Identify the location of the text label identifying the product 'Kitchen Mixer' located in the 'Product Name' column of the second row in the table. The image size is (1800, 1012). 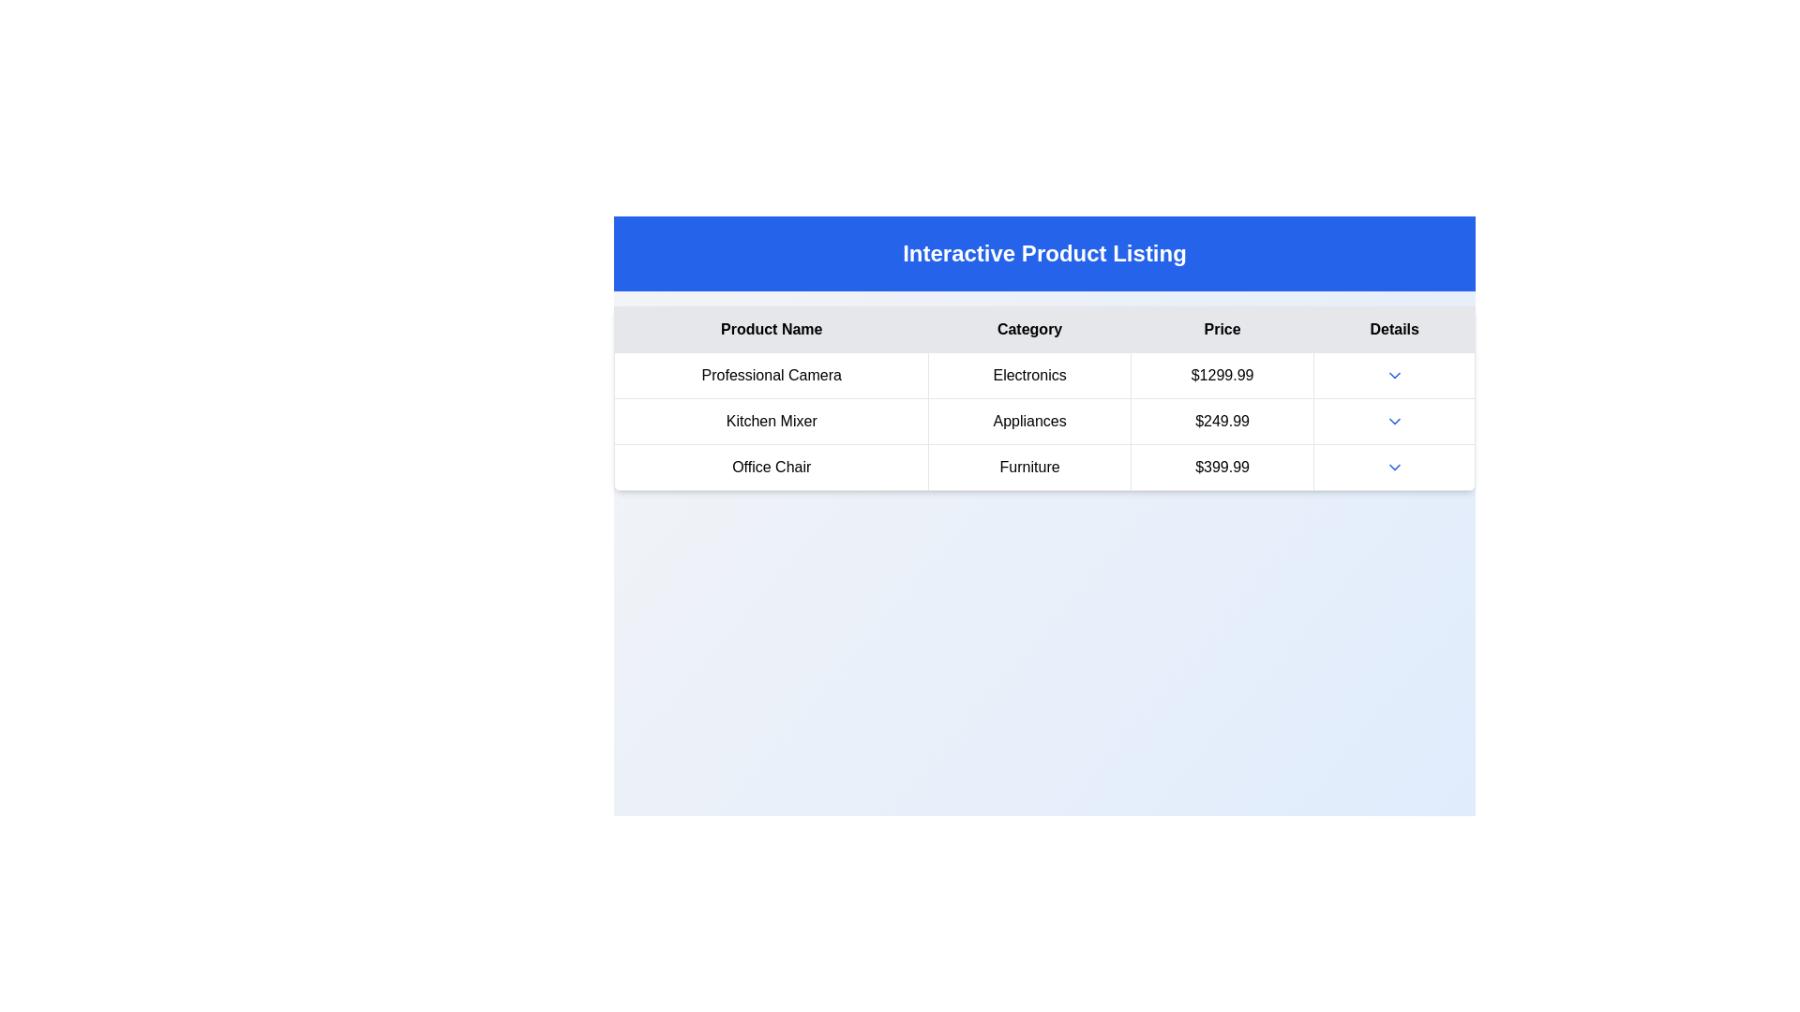
(772, 422).